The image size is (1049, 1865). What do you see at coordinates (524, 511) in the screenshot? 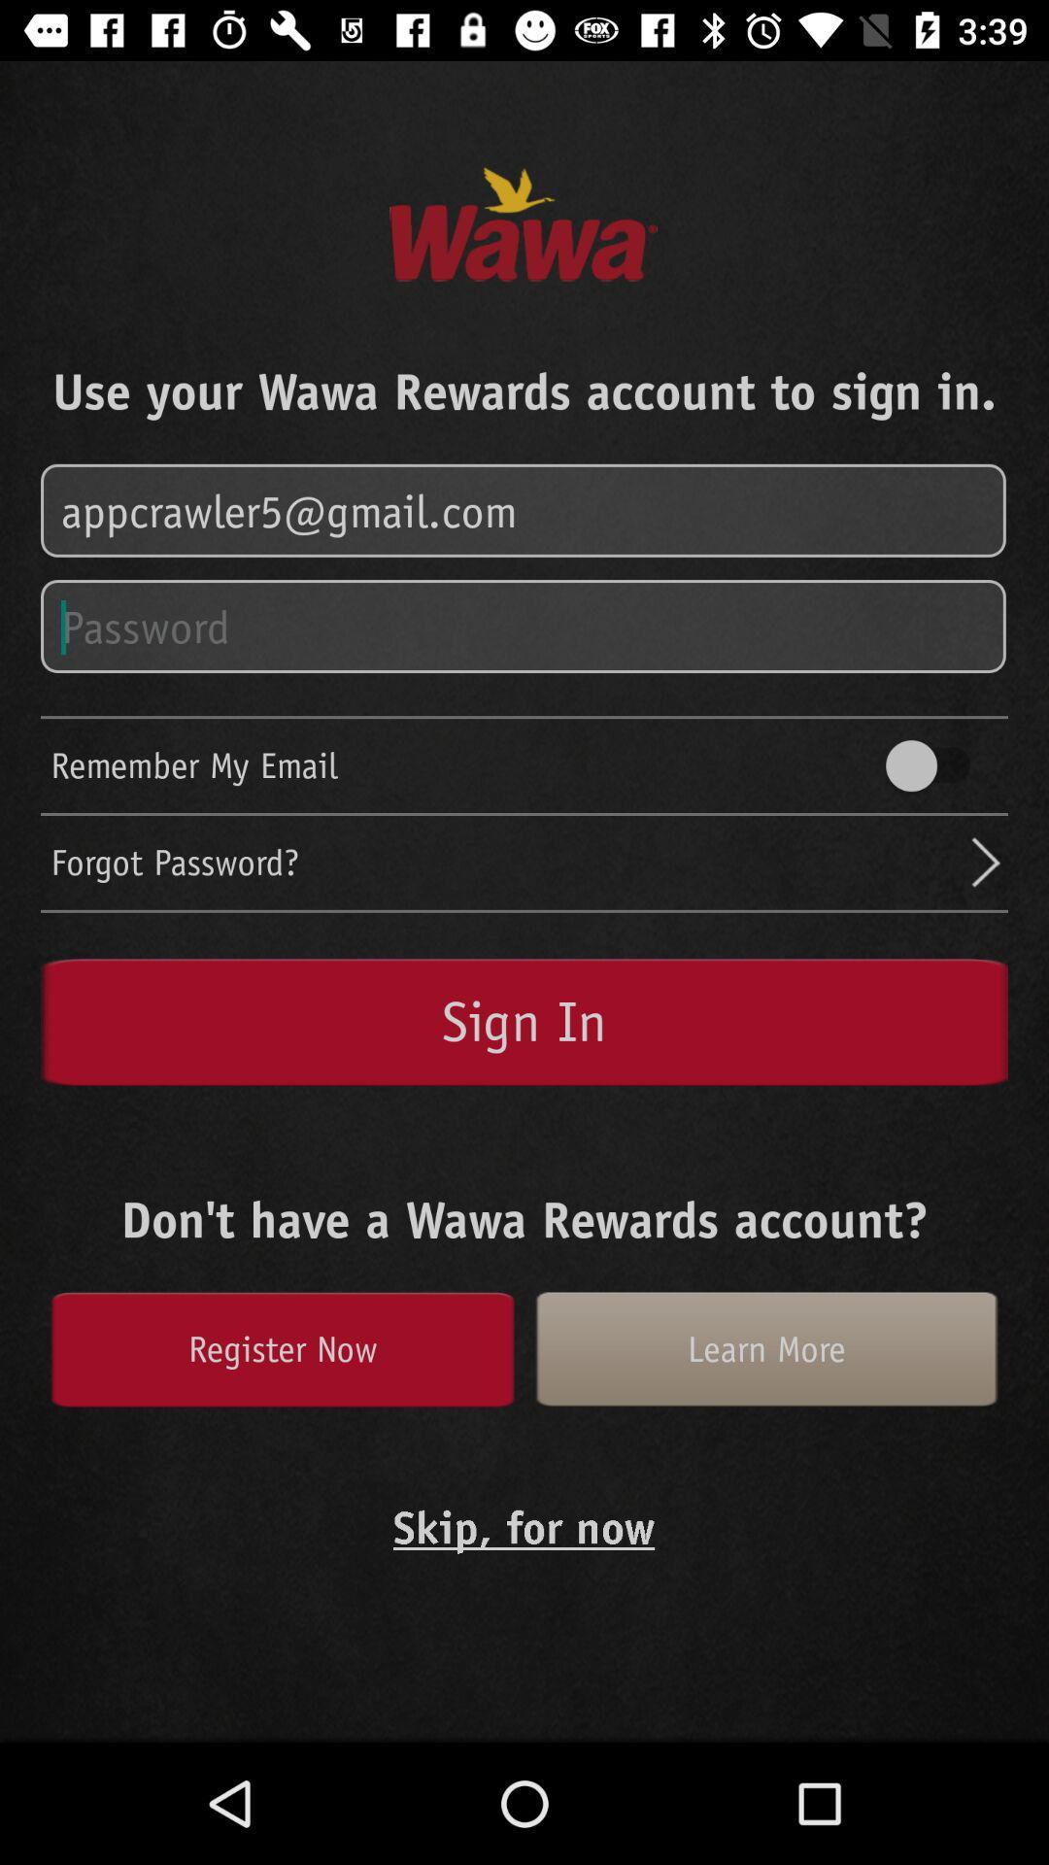
I see `the icon below use your wawa` at bounding box center [524, 511].